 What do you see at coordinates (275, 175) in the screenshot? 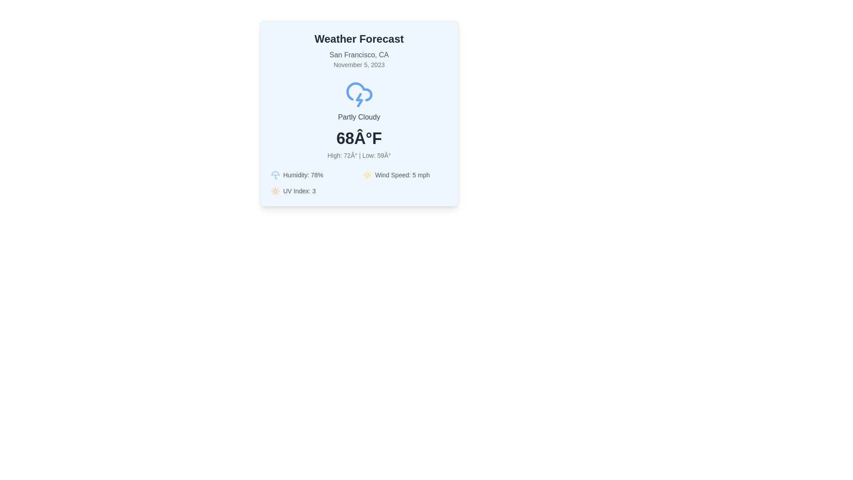
I see `the humidity icon located in the bottom-left quadrant of the card, adjacent to the text 'Humidity: 78%.'` at bounding box center [275, 175].